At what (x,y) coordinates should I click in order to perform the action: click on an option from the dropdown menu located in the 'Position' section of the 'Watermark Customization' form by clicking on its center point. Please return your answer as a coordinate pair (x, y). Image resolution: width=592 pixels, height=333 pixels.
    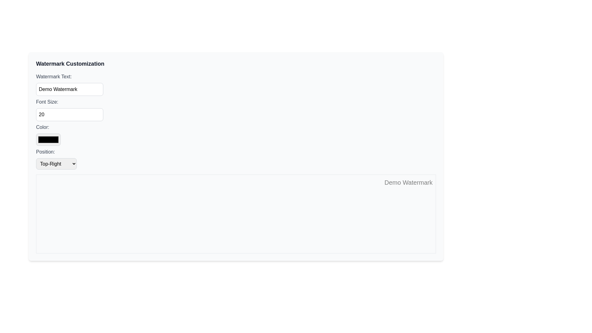
    Looking at the image, I should click on (56, 163).